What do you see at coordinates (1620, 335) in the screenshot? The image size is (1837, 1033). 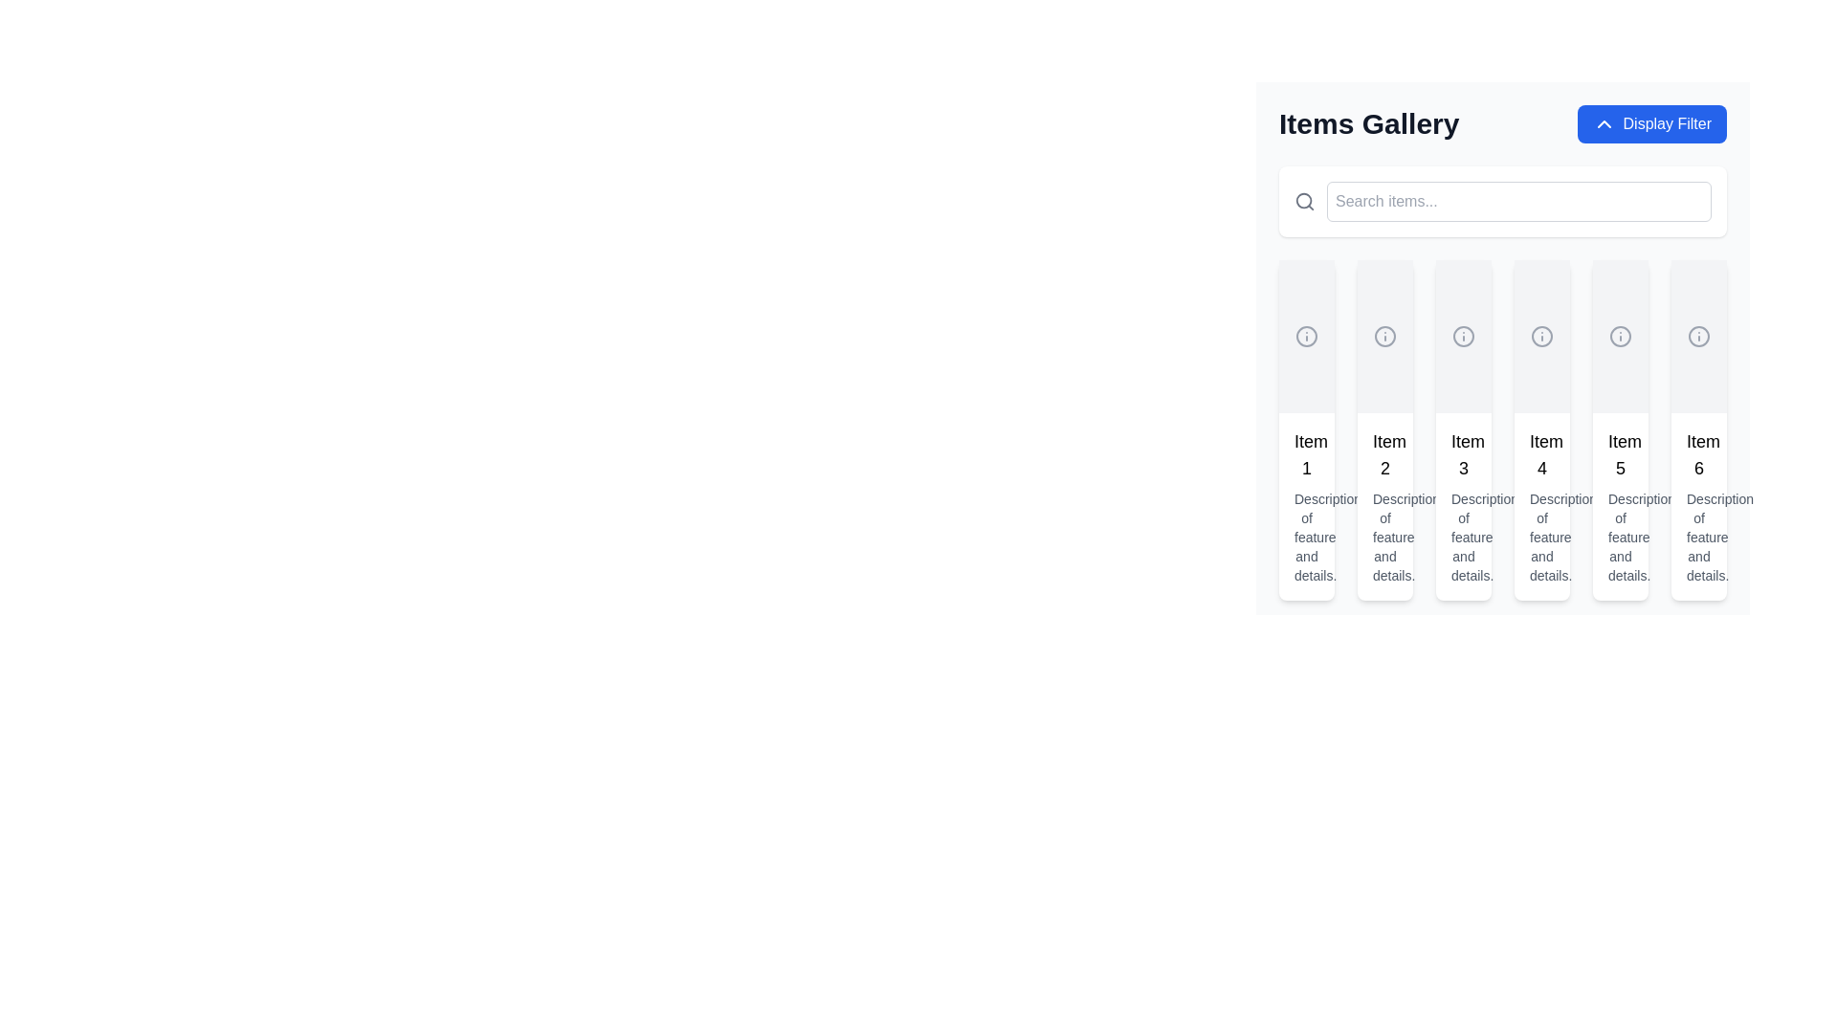 I see `the informational icon located on the top part of the card labeled 'Item 5' in the gallery` at bounding box center [1620, 335].